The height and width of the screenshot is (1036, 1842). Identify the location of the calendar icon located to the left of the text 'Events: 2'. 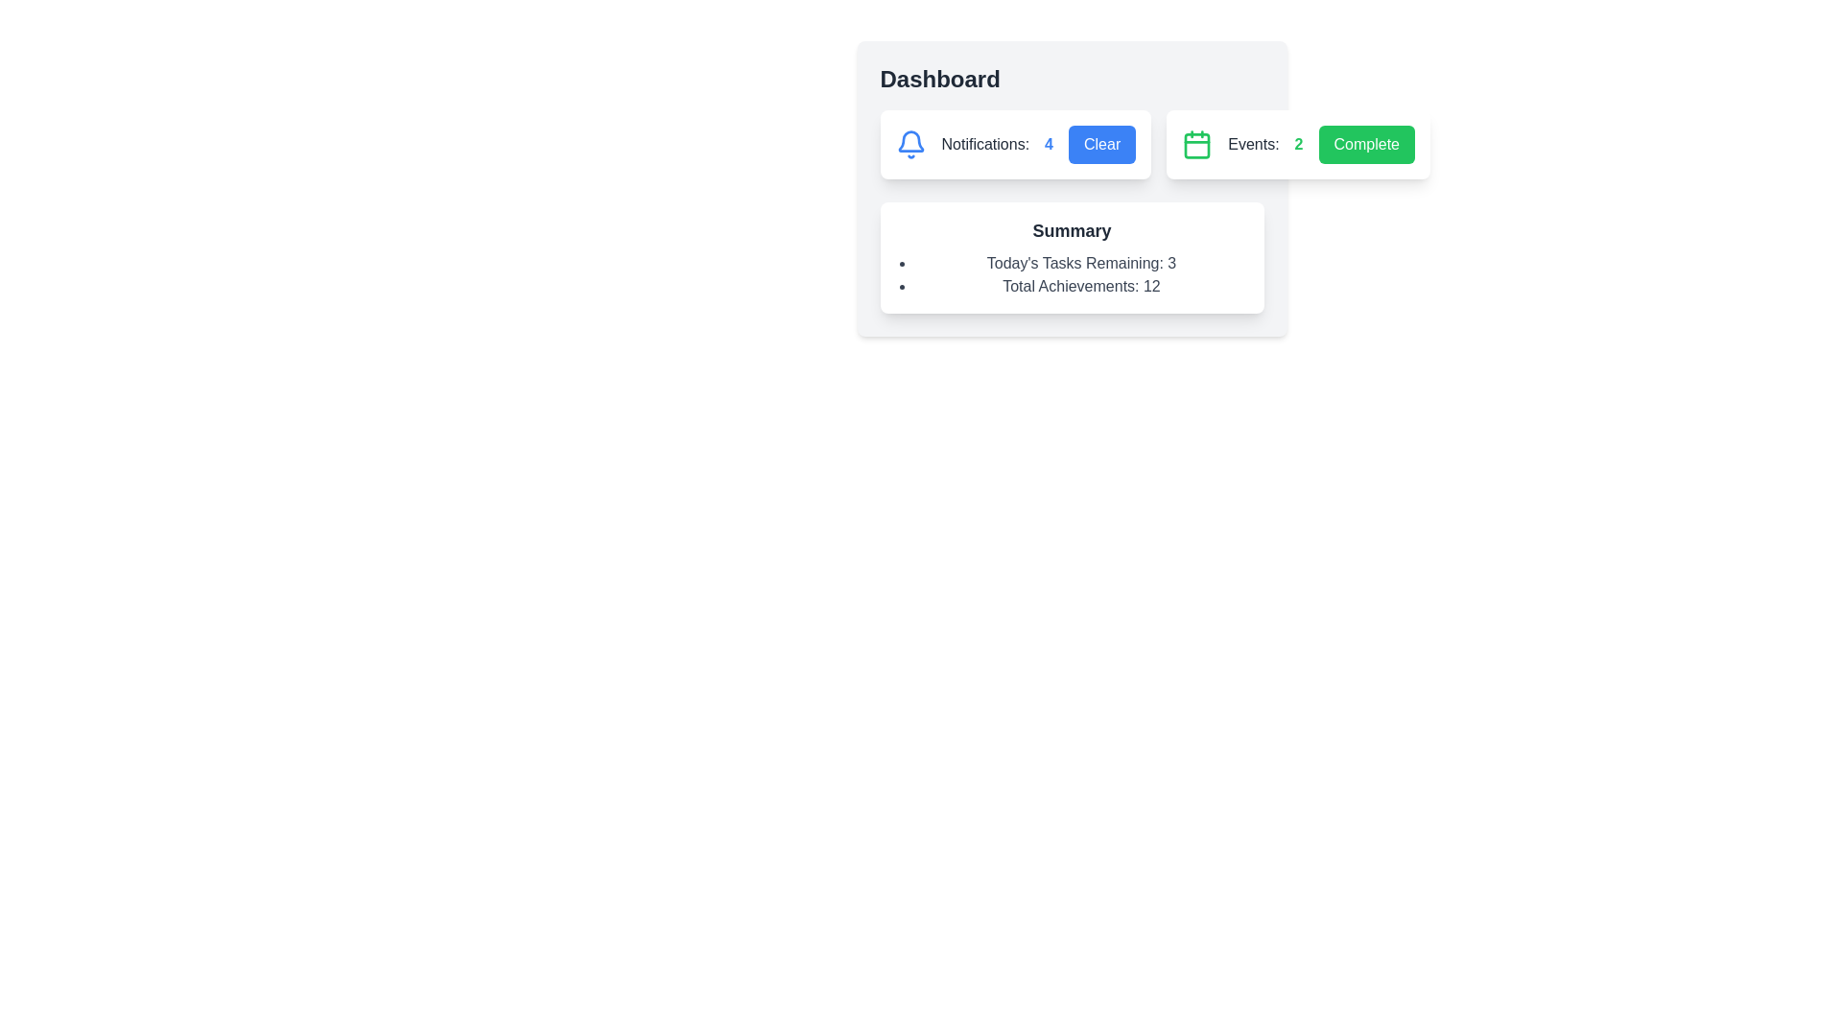
(1196, 143).